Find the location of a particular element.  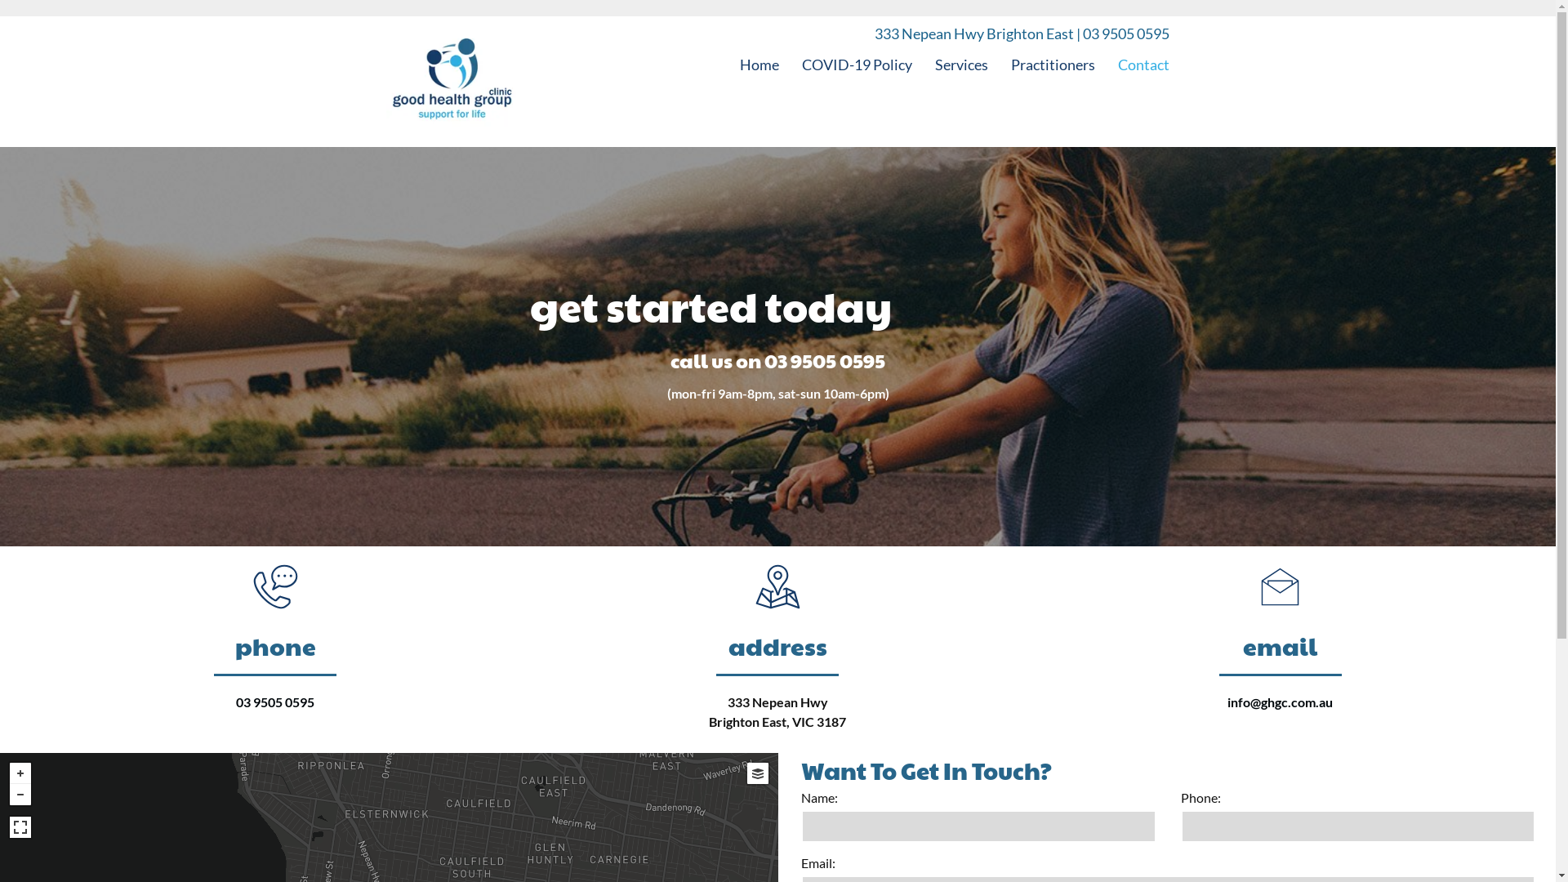

'Good Health Group logo' is located at coordinates (451, 82).